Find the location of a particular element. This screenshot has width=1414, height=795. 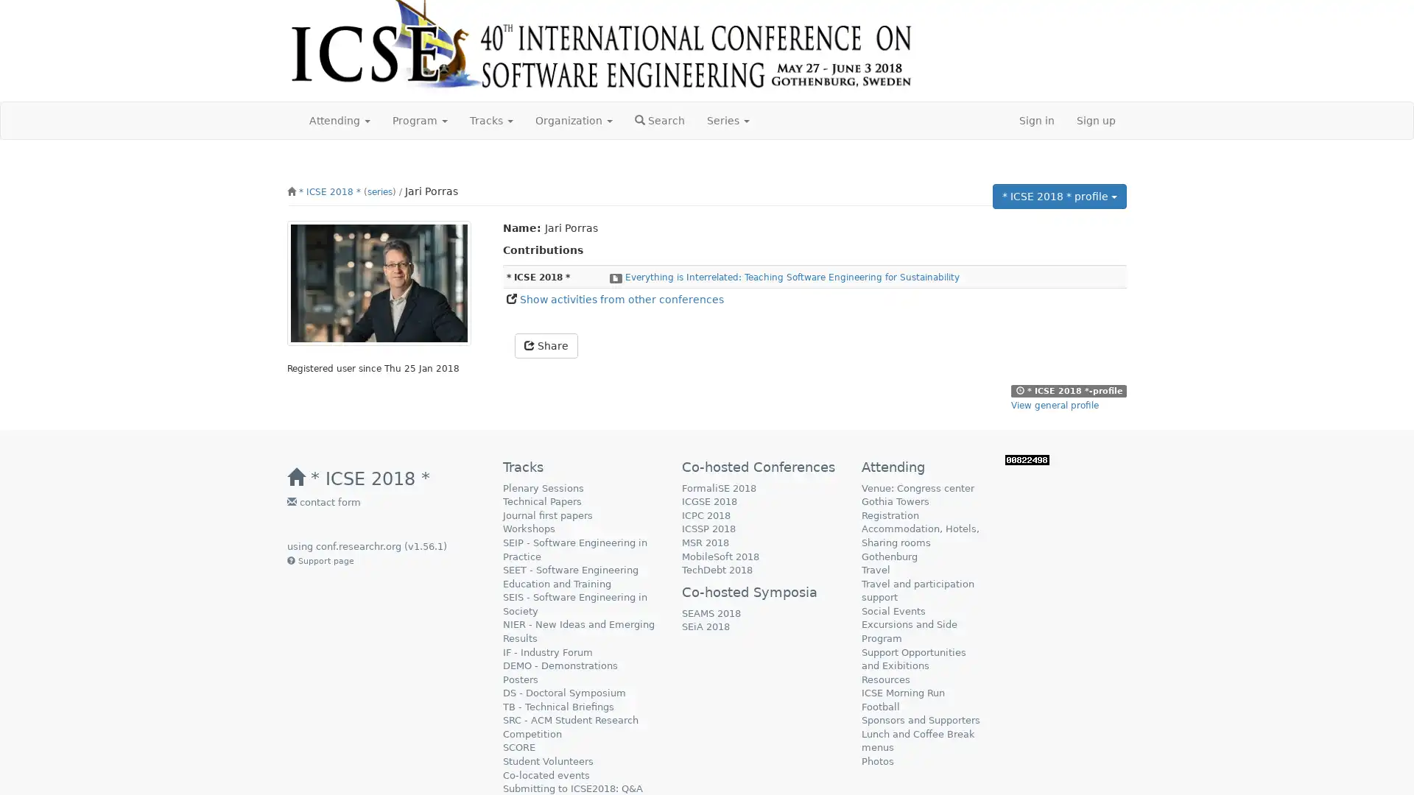

* ICSE 2018 * profile is located at coordinates (1059, 195).